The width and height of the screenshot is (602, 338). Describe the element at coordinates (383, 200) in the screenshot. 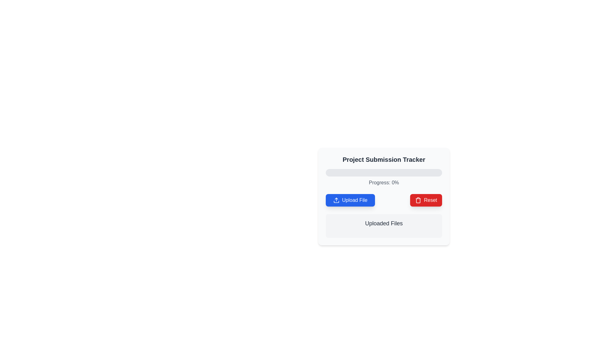

I see `the 'Upload File' and 'Reset' buttons within the button group located in the 'Project Submission Tracker' card, positioned below the 'Progress: 0%' bar` at that location.